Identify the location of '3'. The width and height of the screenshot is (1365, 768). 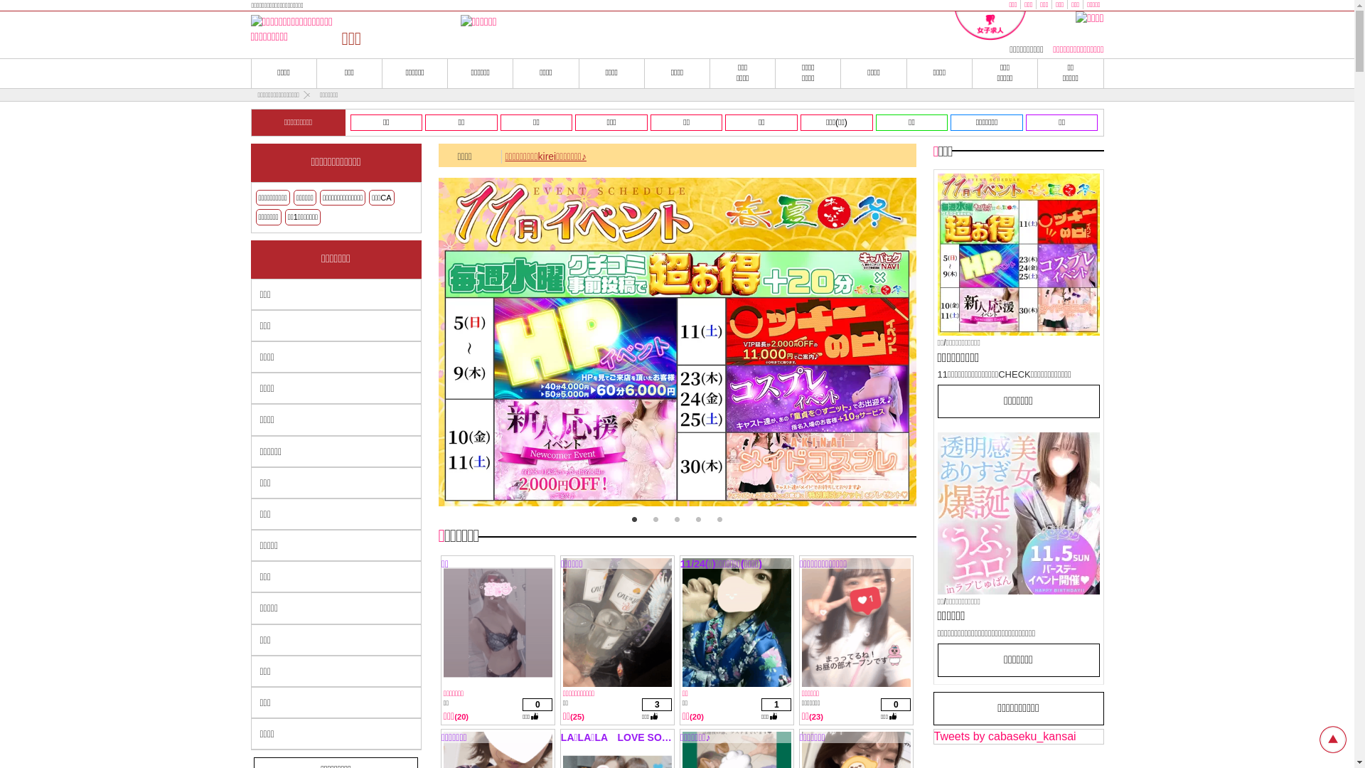
(675, 520).